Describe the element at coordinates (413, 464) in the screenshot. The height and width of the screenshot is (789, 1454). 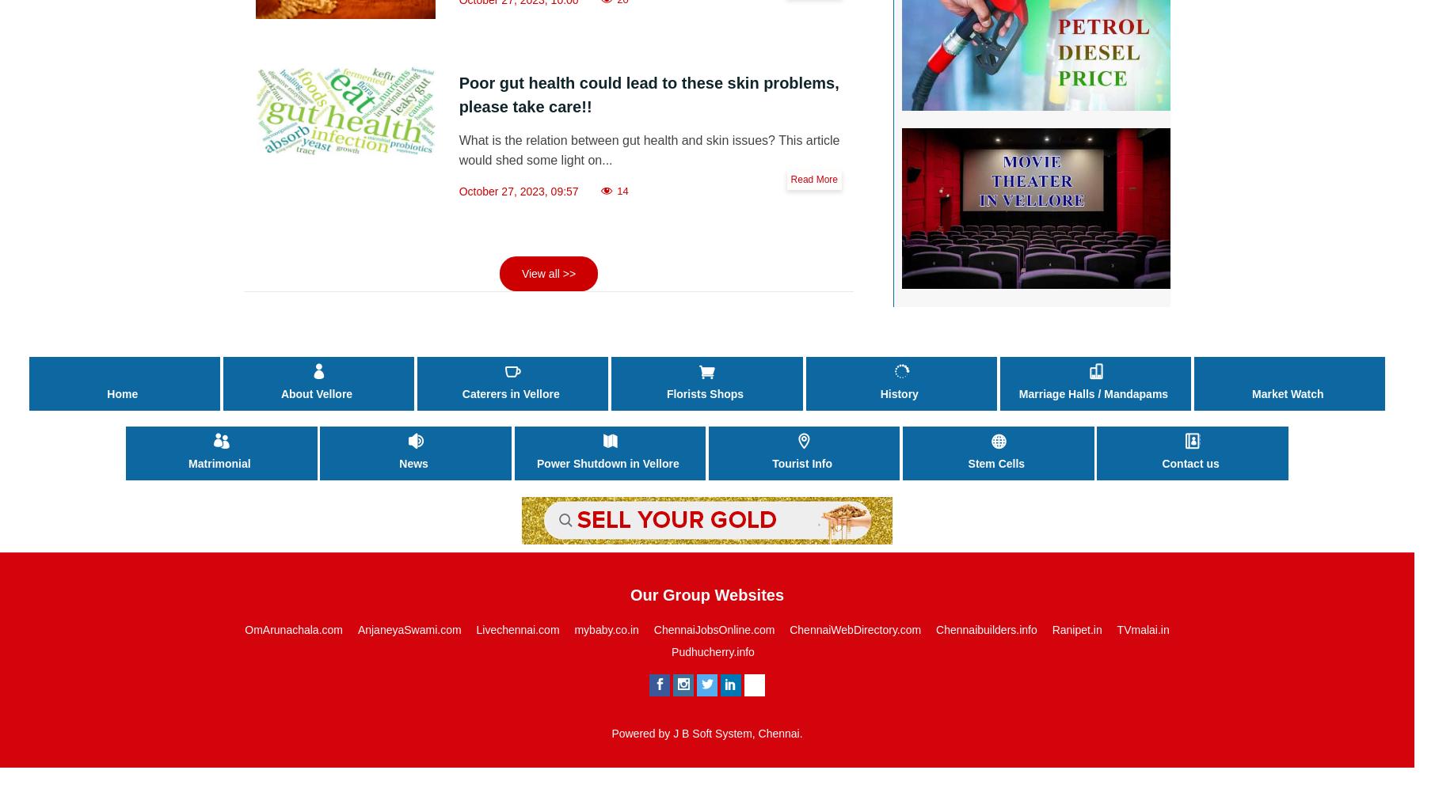
I see `'News'` at that location.